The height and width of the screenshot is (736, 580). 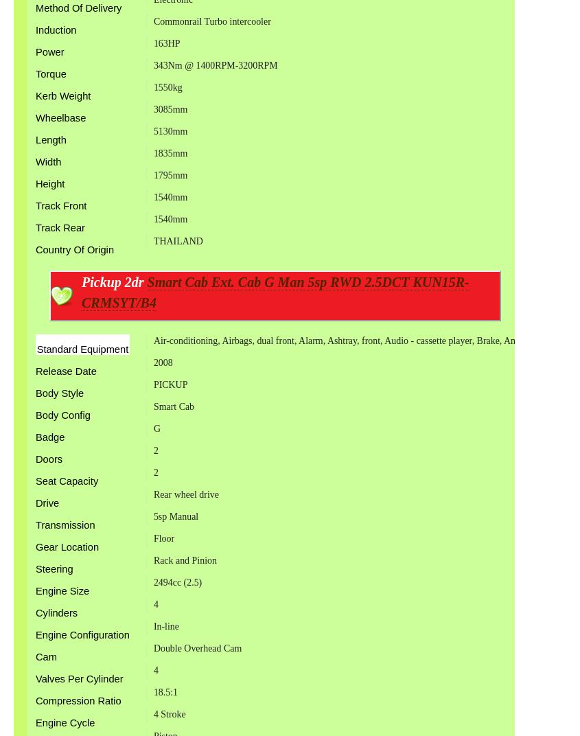 What do you see at coordinates (197, 647) in the screenshot?
I see `'Double Overhead Cam'` at bounding box center [197, 647].